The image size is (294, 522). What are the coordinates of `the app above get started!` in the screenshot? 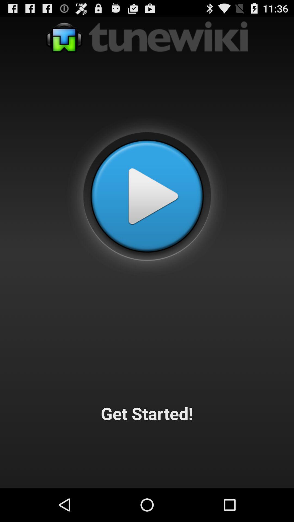 It's located at (147, 196).